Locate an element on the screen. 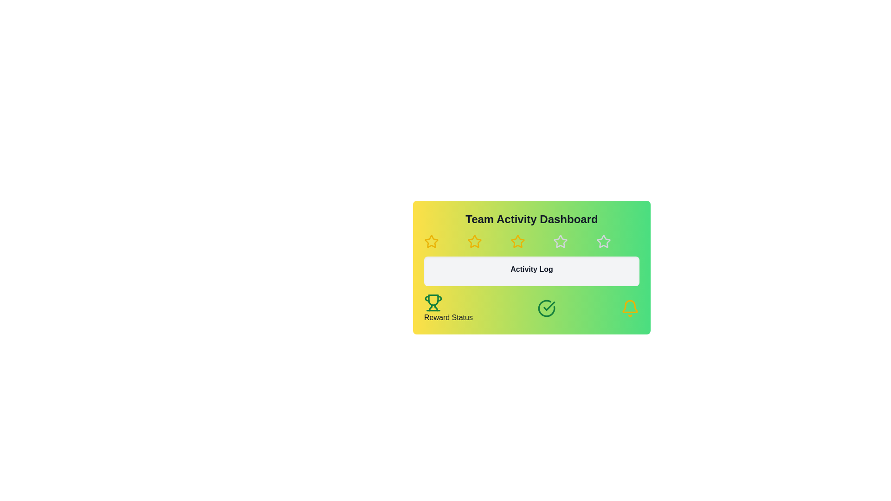 Image resolution: width=891 pixels, height=501 pixels. the decorative icon indicating positive status or completion in the 'Reward Status' section, located adjacent to the 'Reward Status' text label is located at coordinates (547, 308).